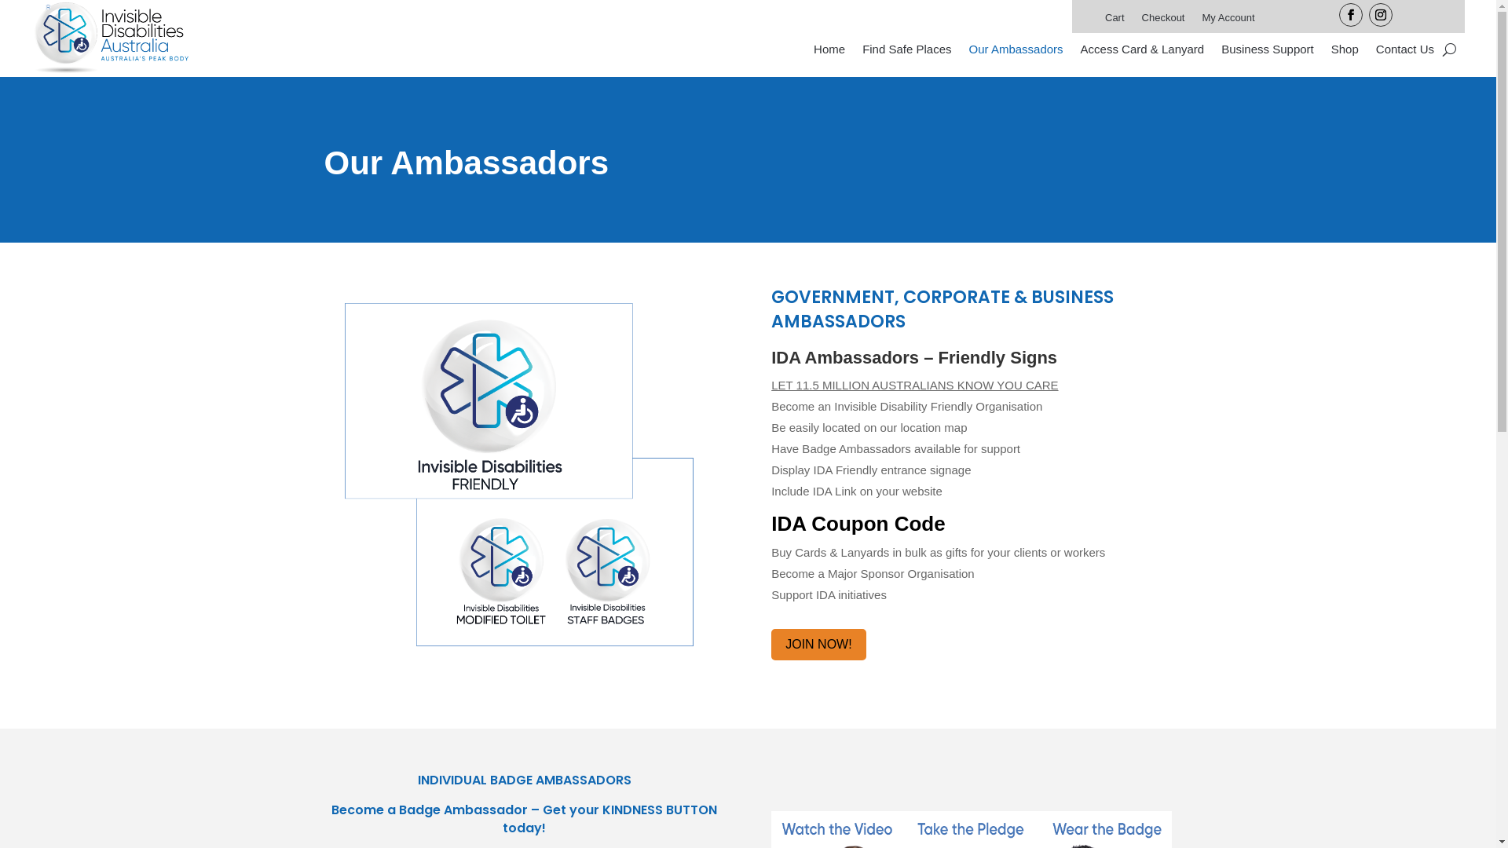 The image size is (1508, 848). I want to click on 'Our Ambassadors', so click(1016, 51).